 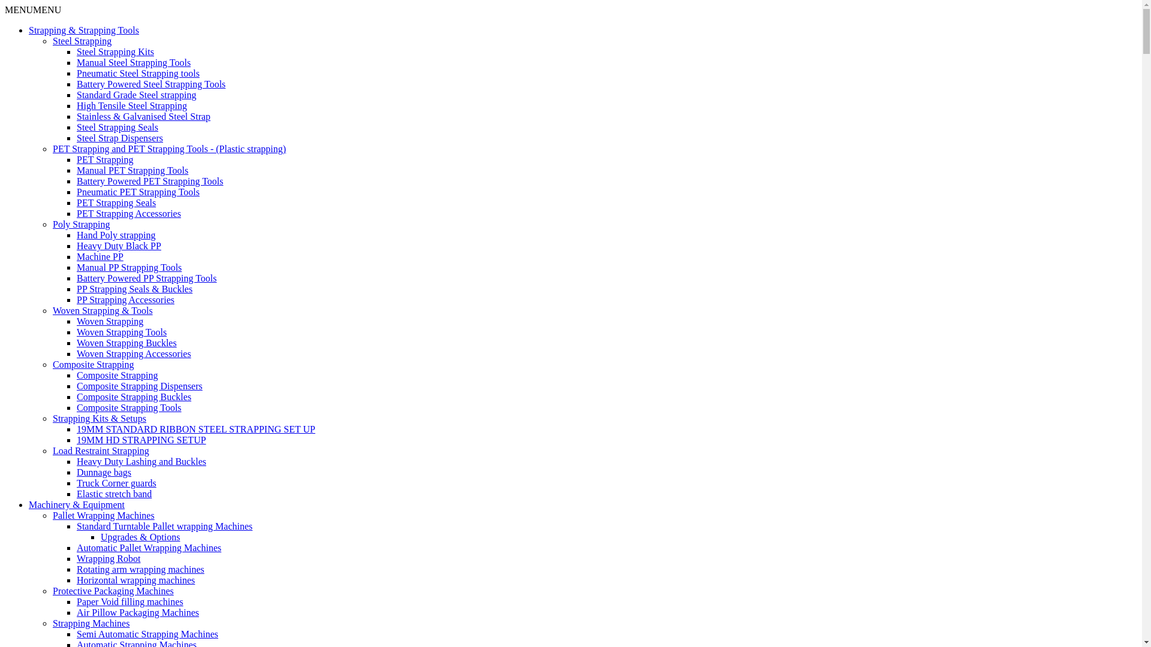 What do you see at coordinates (120, 137) in the screenshot?
I see `'Steel Strap Dispensers'` at bounding box center [120, 137].